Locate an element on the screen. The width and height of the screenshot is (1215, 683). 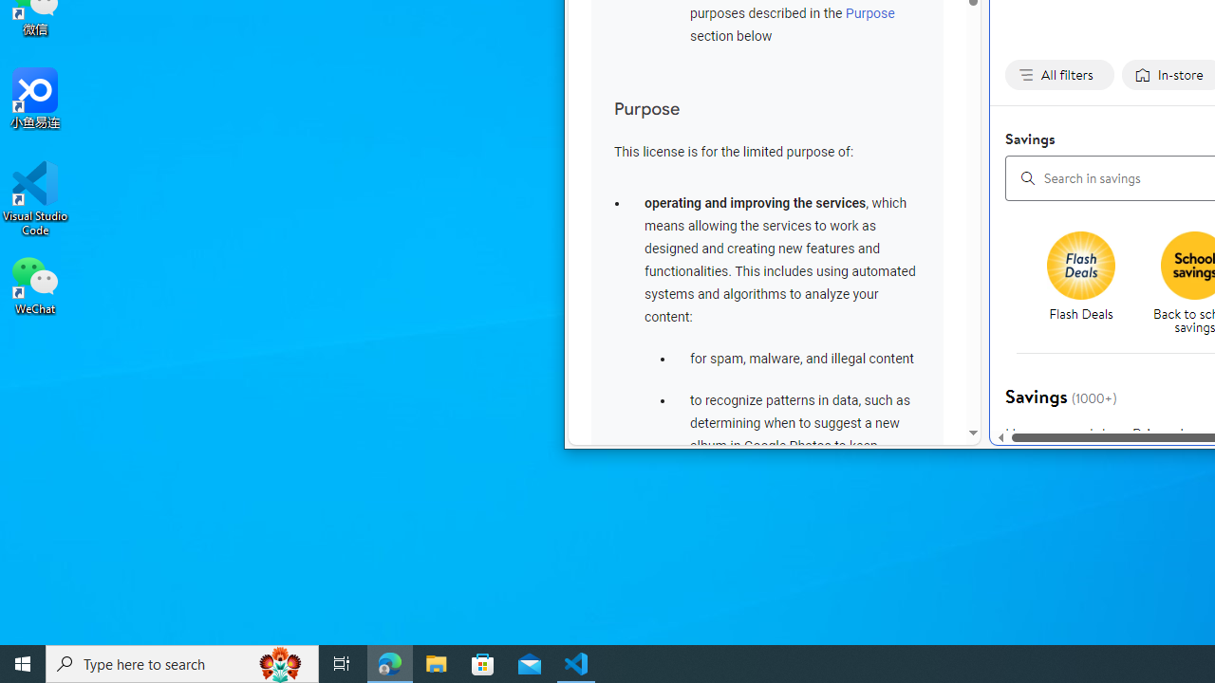
'Type here to search' is located at coordinates (182, 662).